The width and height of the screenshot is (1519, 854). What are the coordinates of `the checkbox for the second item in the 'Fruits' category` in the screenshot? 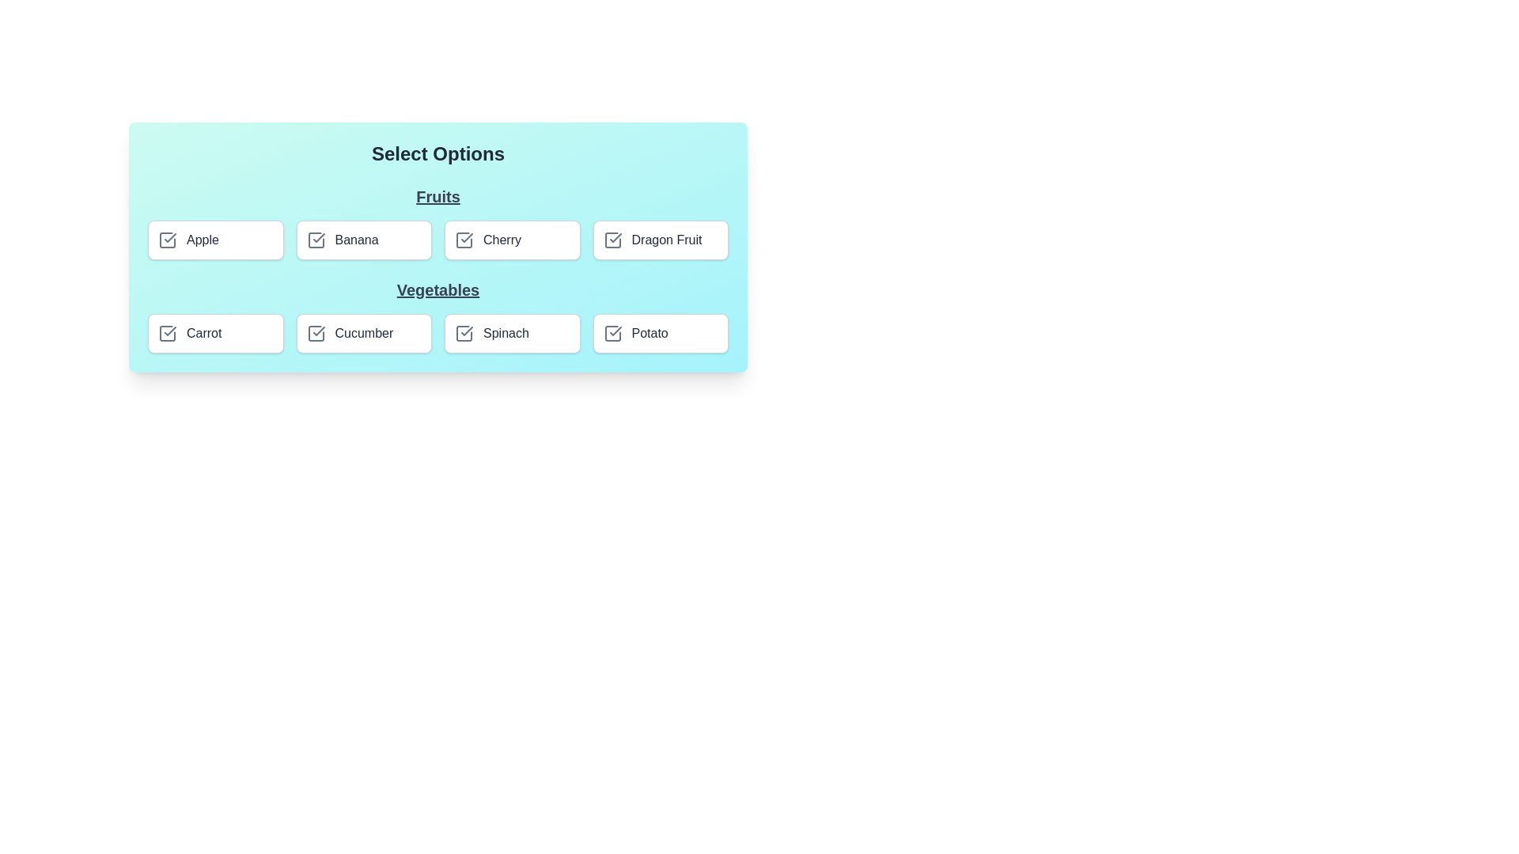 It's located at (363, 240).